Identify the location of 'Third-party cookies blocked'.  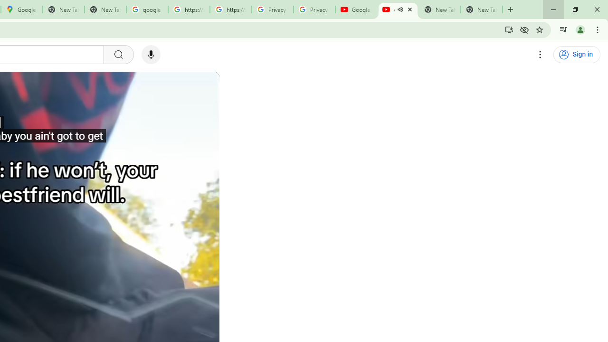
(524, 29).